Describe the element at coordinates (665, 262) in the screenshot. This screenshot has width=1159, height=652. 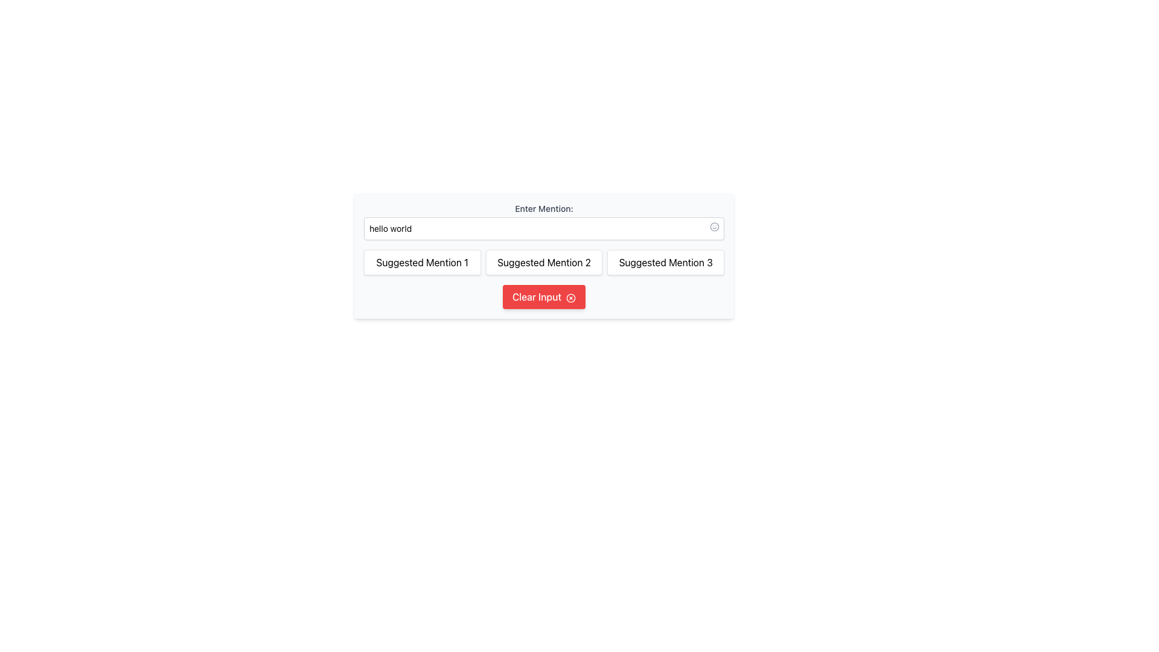
I see `the informational text label that displays a text suggestion, located in the third box of a horizontally aligned grid layout` at that location.